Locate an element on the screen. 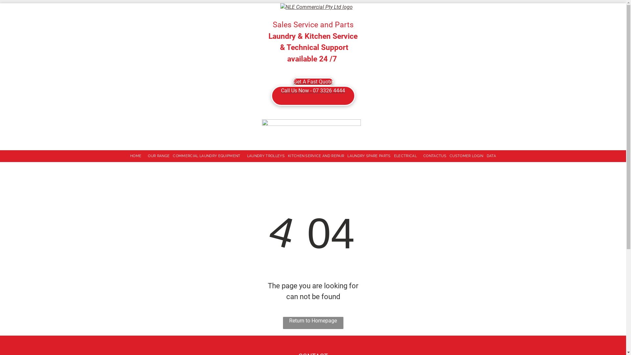 Image resolution: width=631 pixels, height=355 pixels. 'CUSTOMER LOGIN' is located at coordinates (466, 156).